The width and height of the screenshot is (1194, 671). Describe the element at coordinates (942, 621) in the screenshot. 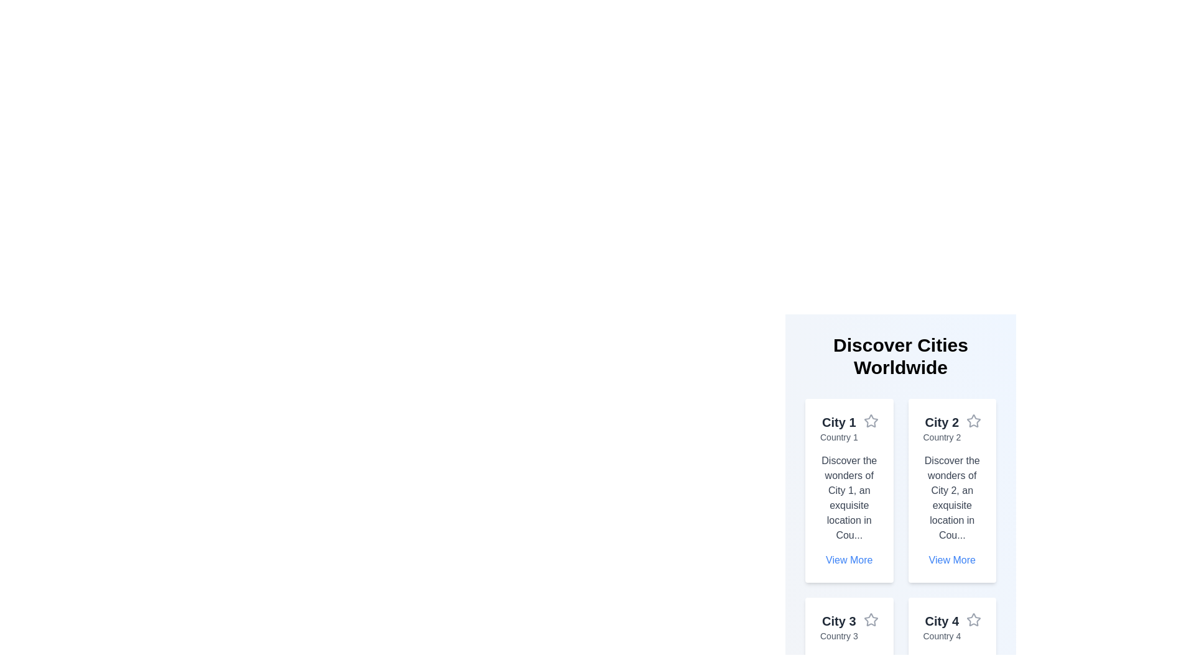

I see `the text label displaying 'City 4', which is part of a card component in the lower-right section of the grid, positioned above 'Country 4'` at that location.